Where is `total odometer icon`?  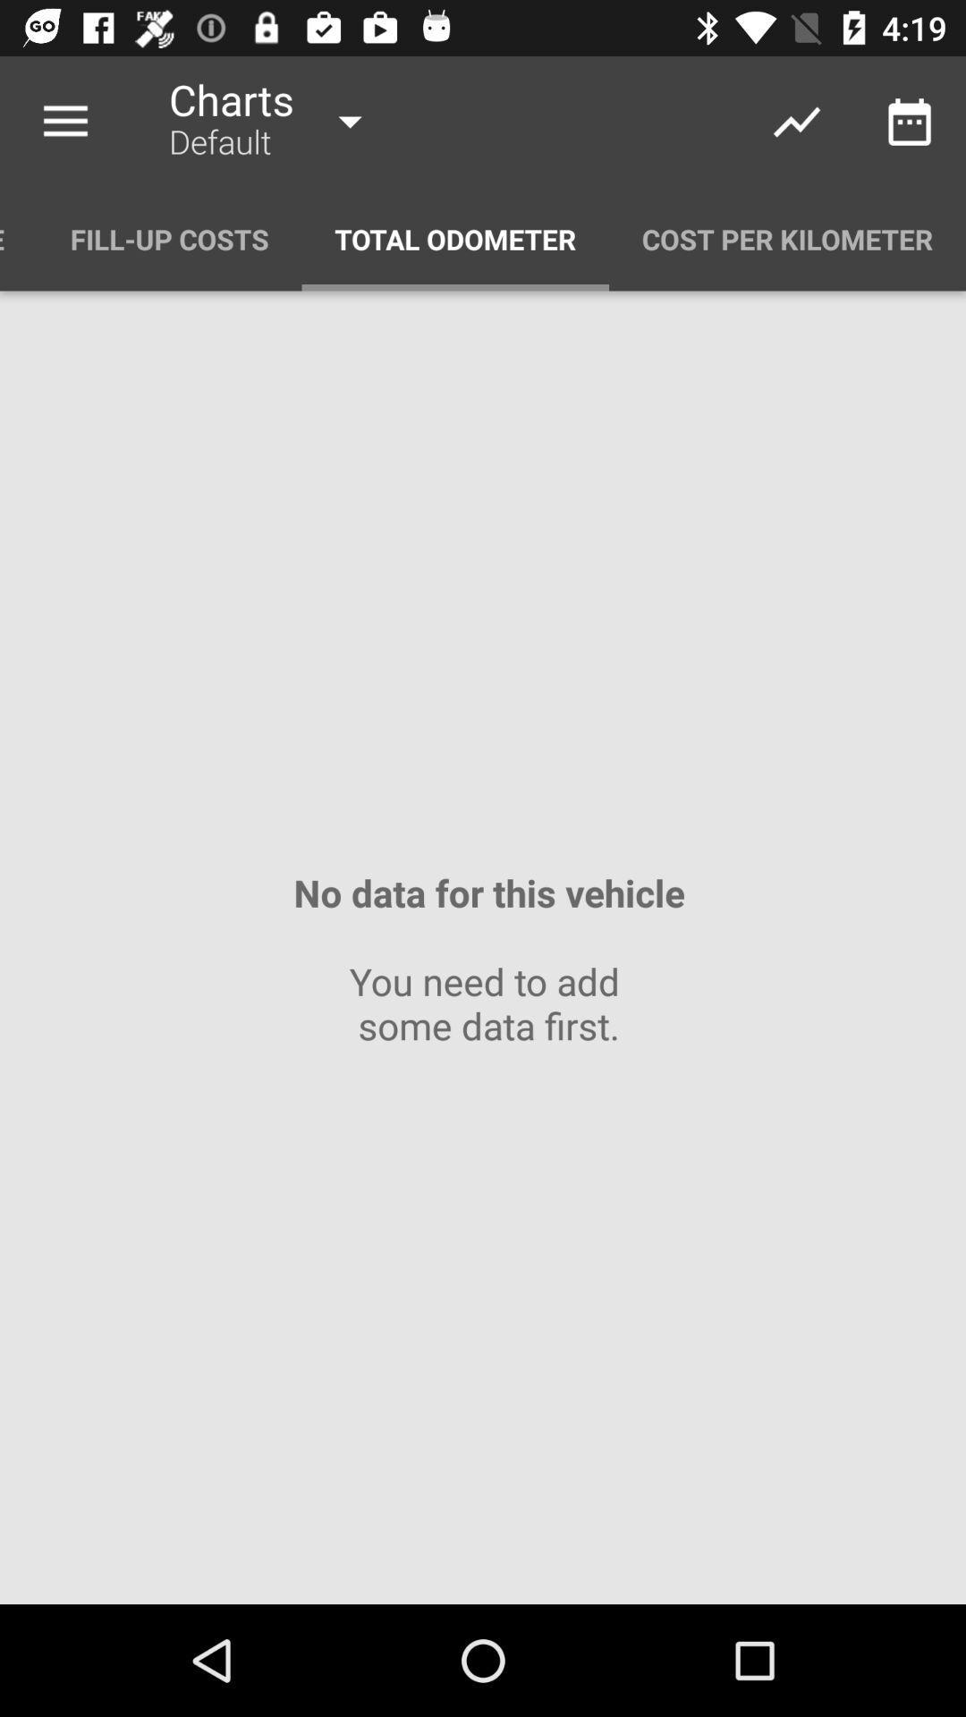
total odometer icon is located at coordinates (454, 238).